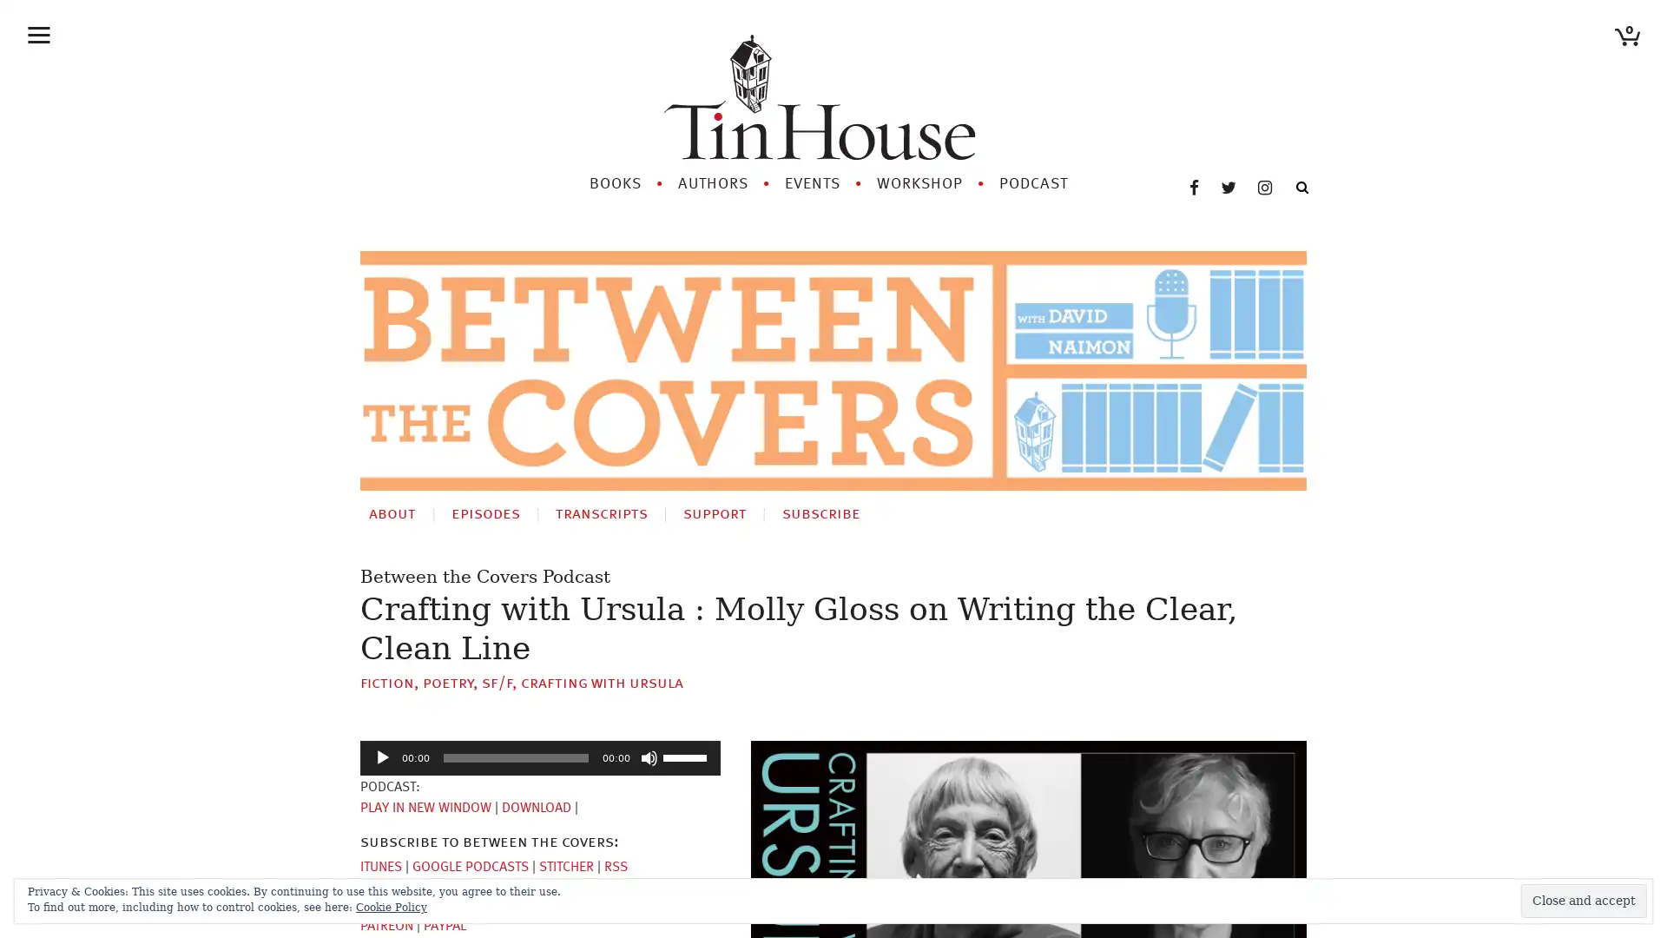 The image size is (1667, 938). I want to click on Paypal, so click(445, 903).